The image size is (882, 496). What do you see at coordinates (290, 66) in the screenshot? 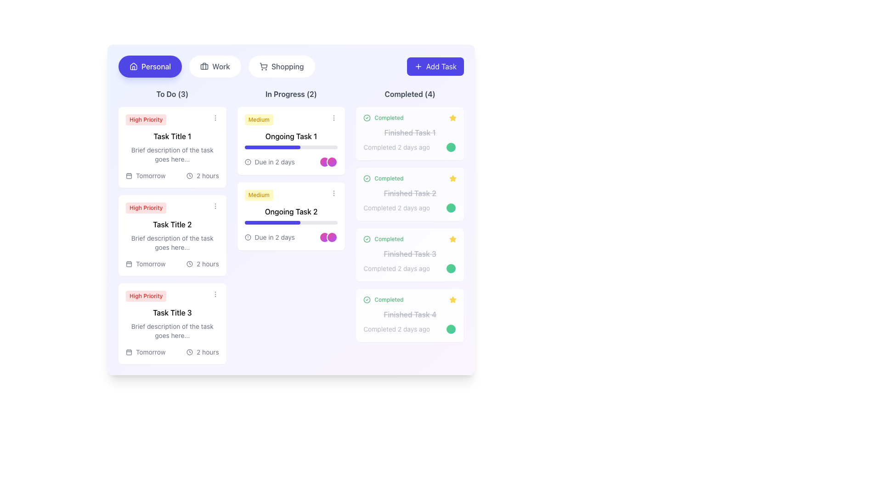
I see `the 'Shopping' button in the horizontal navigation bar` at bounding box center [290, 66].